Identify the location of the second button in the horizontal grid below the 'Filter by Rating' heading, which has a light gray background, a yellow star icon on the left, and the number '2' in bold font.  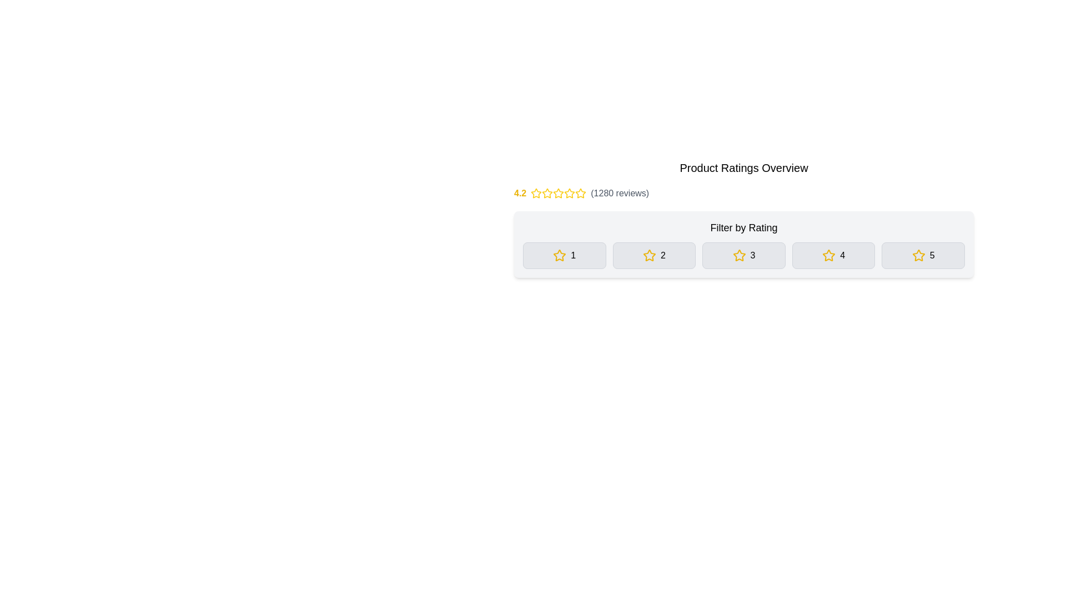
(654, 256).